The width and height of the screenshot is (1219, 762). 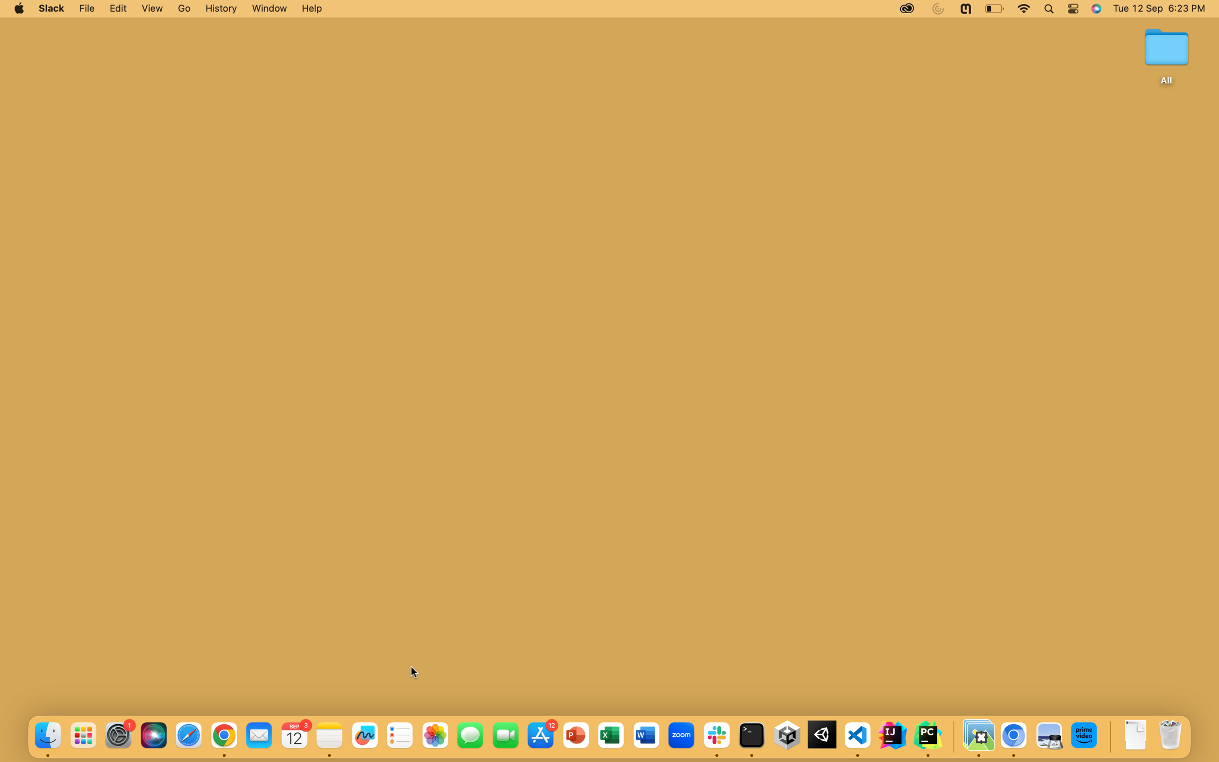 What do you see at coordinates (188, 735) in the screenshot?
I see `Safari App using the fifth blue button at buttom` at bounding box center [188, 735].